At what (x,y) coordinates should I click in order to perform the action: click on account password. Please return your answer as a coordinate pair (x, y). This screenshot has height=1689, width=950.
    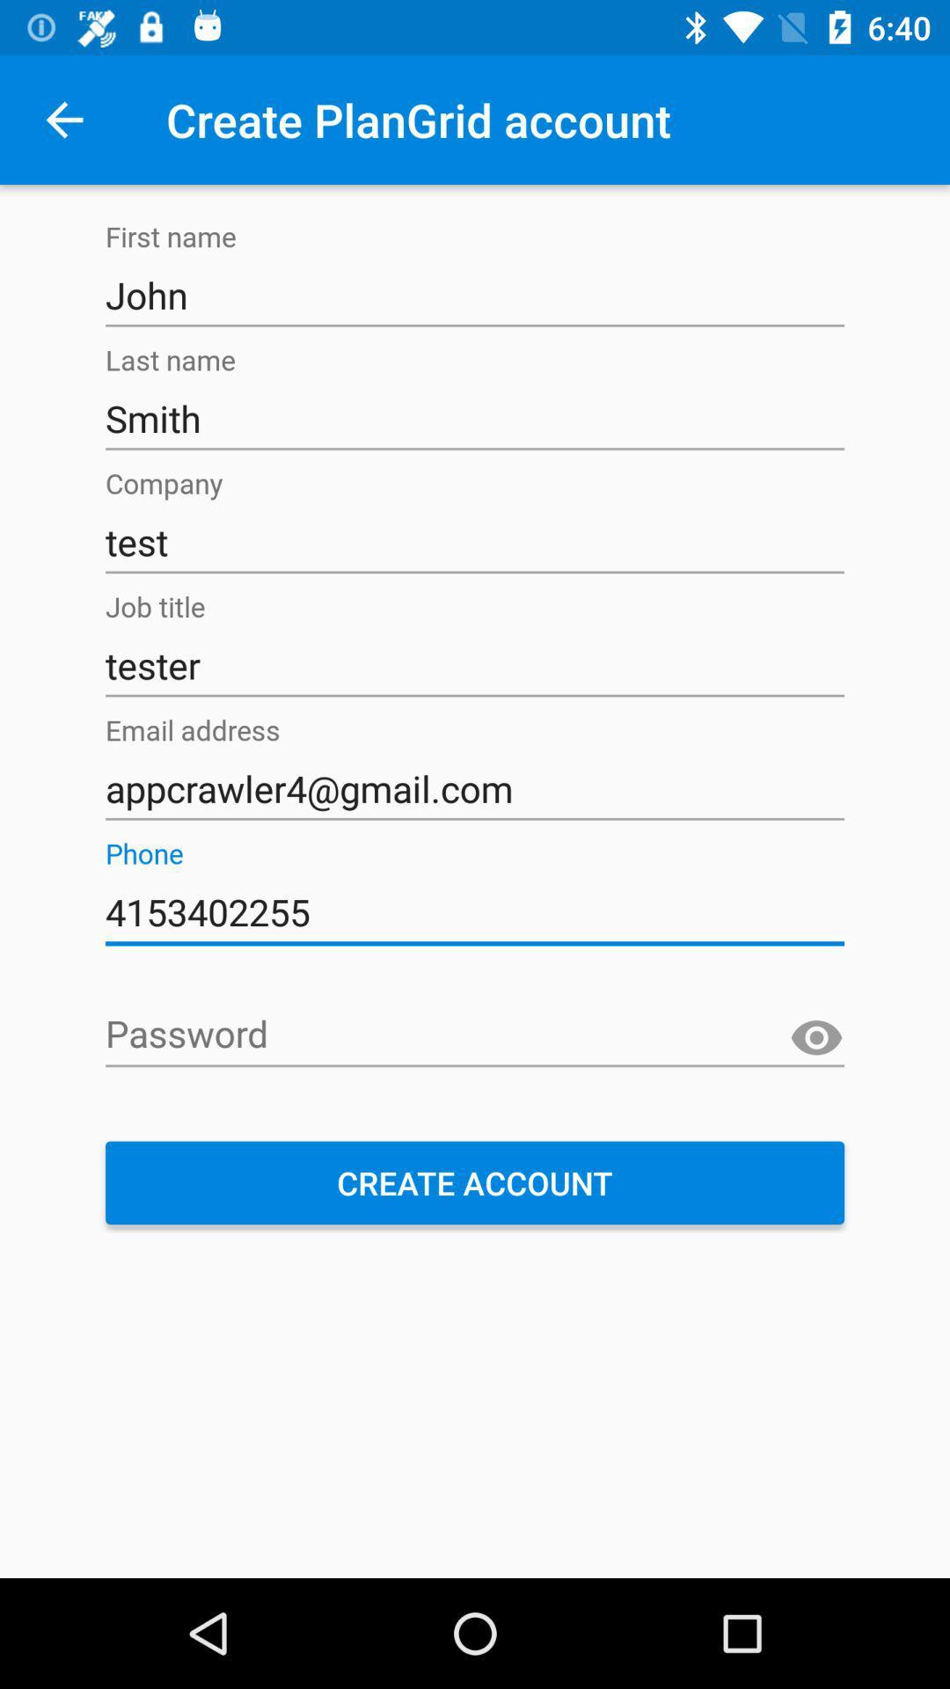
    Looking at the image, I should click on (475, 1035).